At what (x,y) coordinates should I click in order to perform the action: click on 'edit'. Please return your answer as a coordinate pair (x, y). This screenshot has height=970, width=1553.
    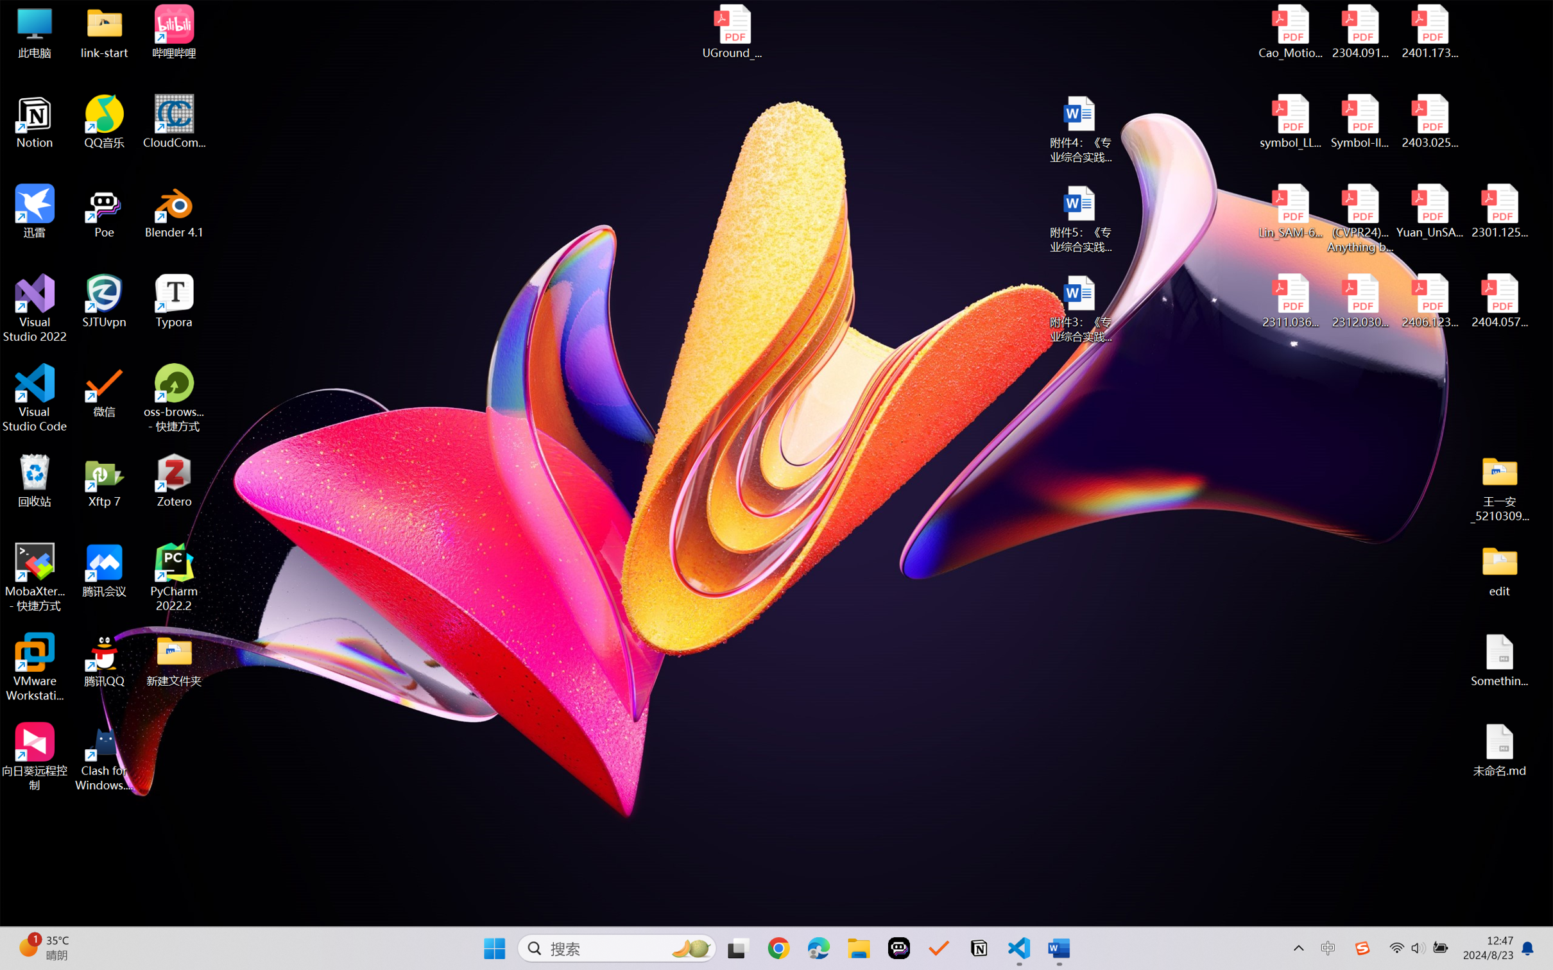
    Looking at the image, I should click on (1498, 569).